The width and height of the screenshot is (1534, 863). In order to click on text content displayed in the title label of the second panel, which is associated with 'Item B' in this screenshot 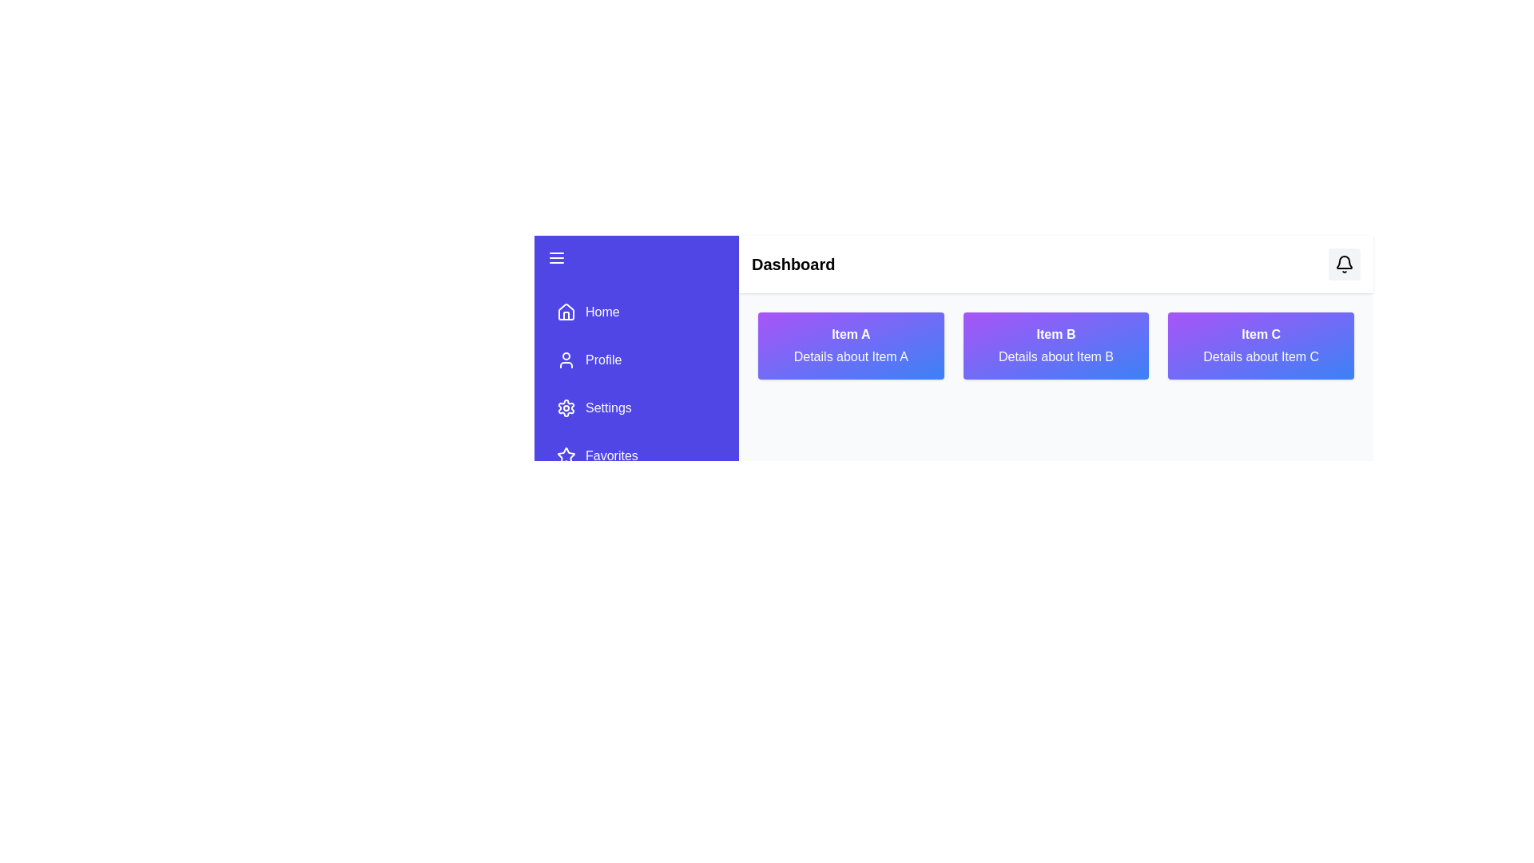, I will do `click(1055, 334)`.